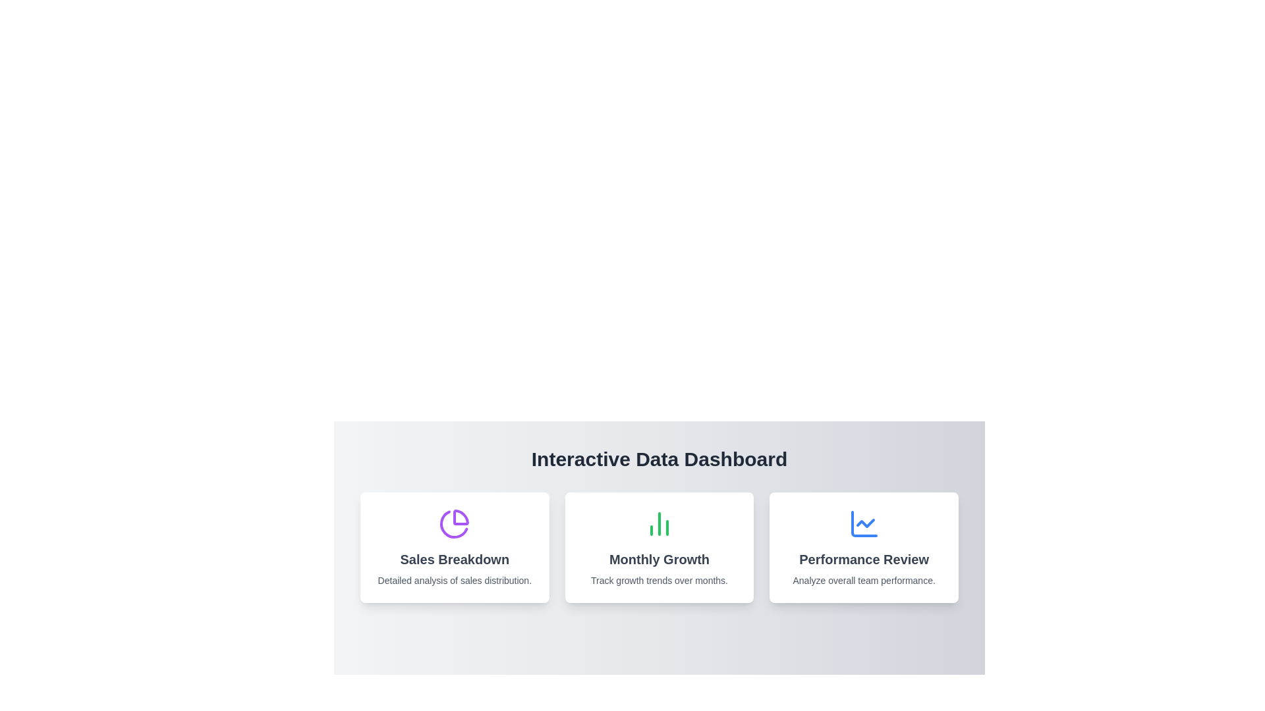 This screenshot has height=711, width=1265. What do you see at coordinates (864, 559) in the screenshot?
I see `the 'Performance Review' label element which is styled in large, bold gray text and is part of a card layout, located beneath a blue line chart icon and above the text 'Analyze overall team performance'` at bounding box center [864, 559].